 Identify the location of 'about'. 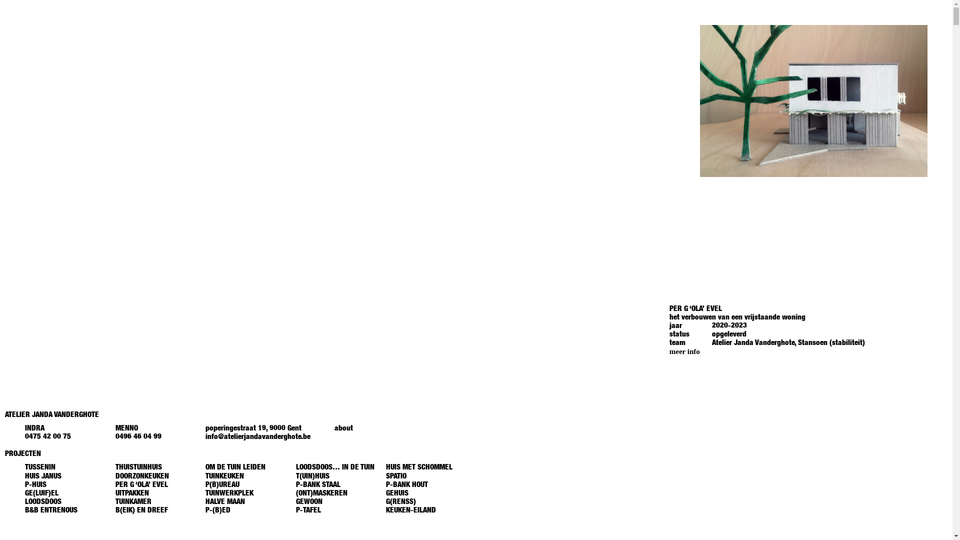
(343, 428).